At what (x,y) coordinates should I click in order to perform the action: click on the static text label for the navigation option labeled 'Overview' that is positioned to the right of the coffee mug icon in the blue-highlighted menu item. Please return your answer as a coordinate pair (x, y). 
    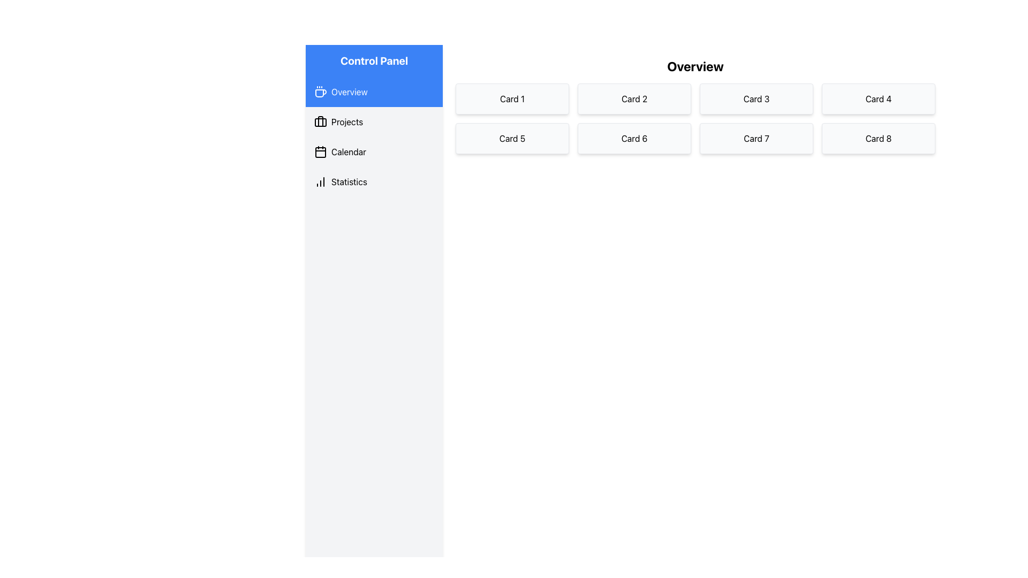
    Looking at the image, I should click on (349, 92).